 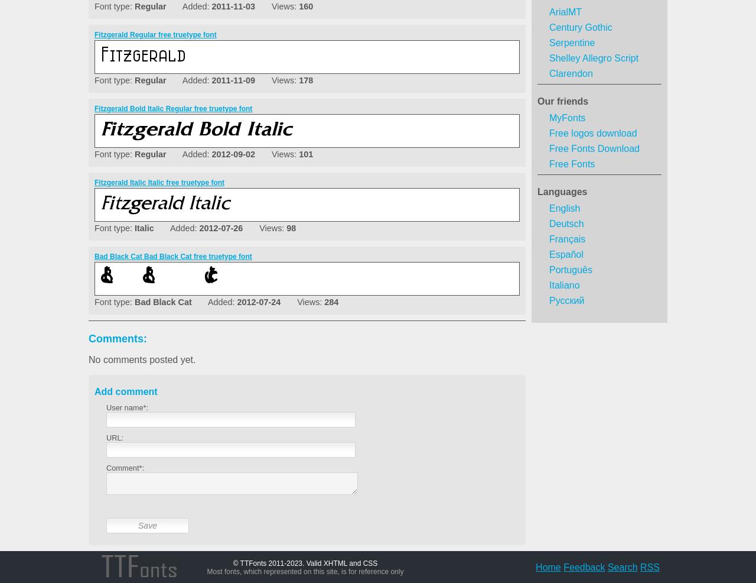 I want to click on 'Languages', so click(x=562, y=192).